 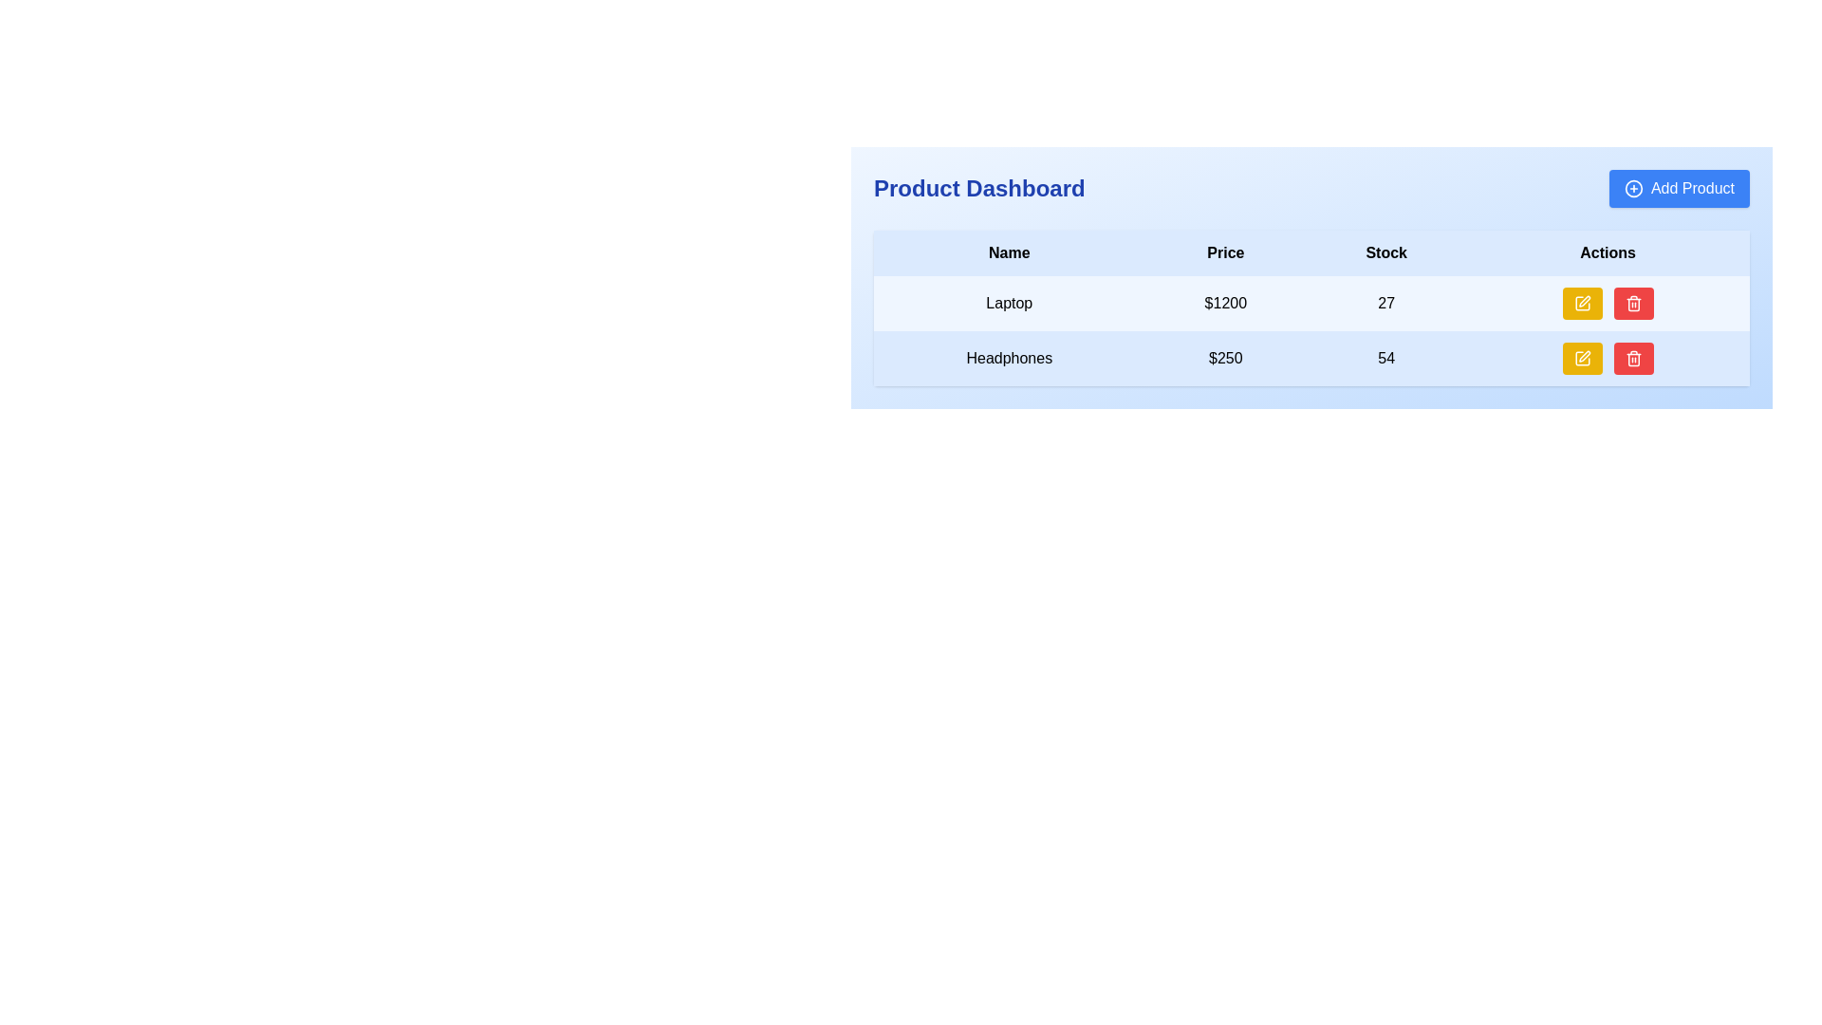 I want to click on the delete icon button for the 'Headphones' product, so click(x=1632, y=303).